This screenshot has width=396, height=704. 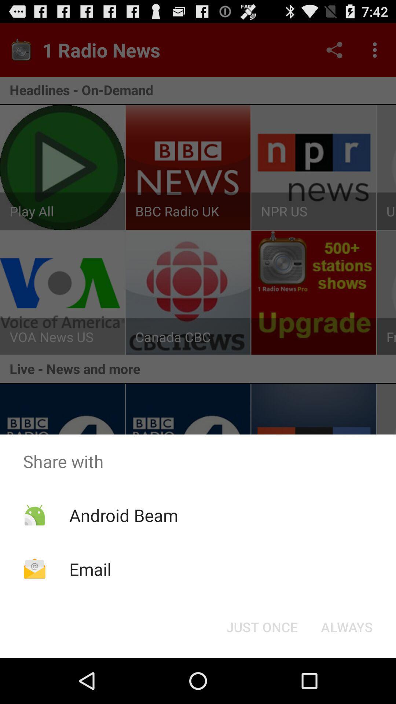 I want to click on icon next to the just once, so click(x=346, y=626).